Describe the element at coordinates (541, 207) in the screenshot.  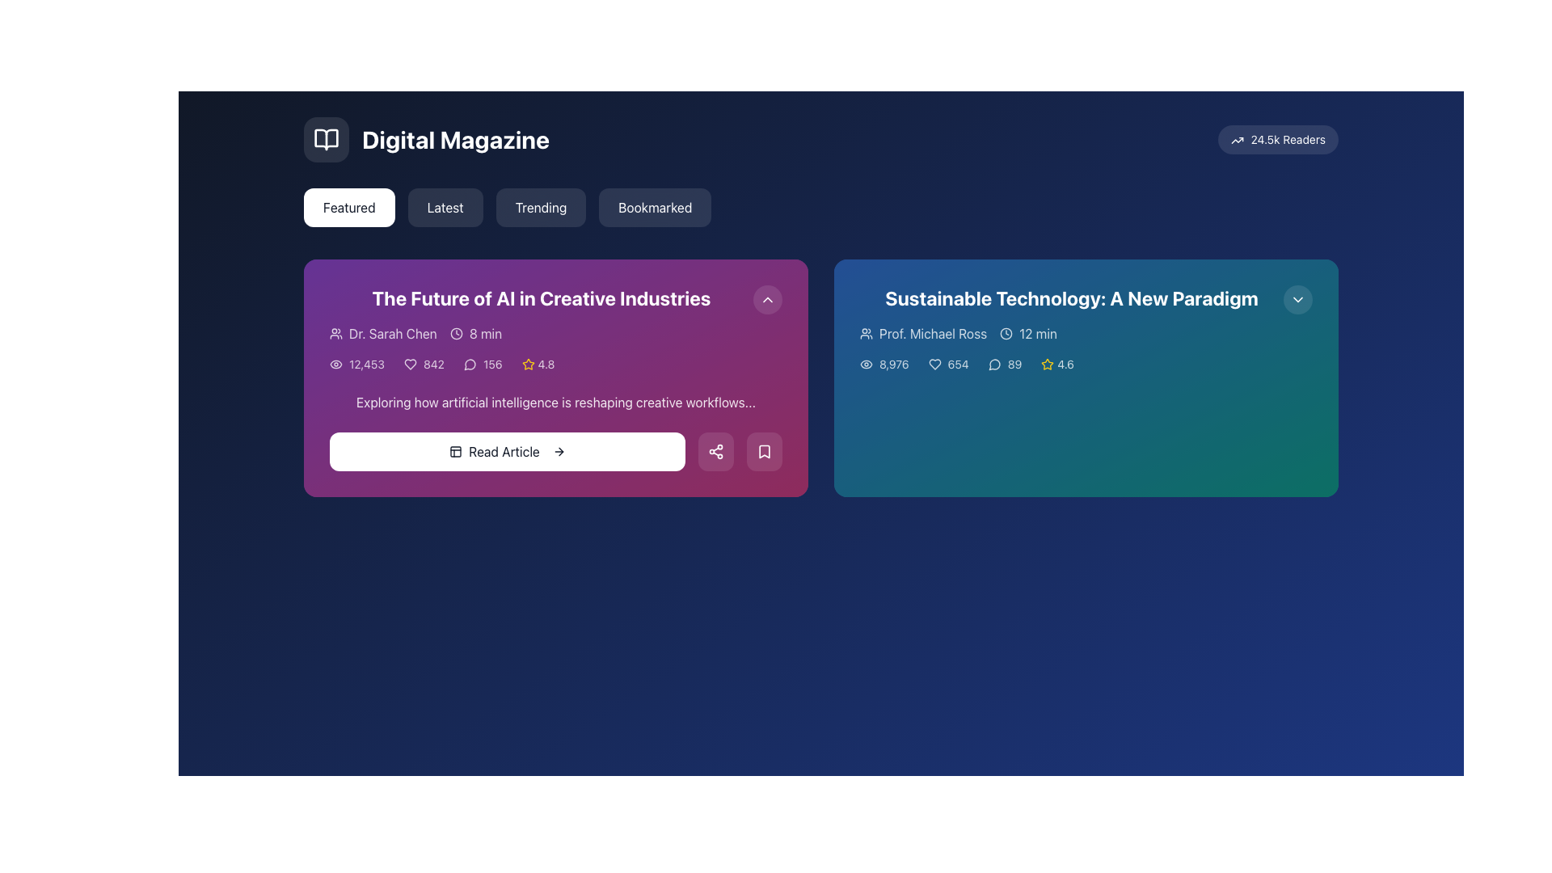
I see `the 'Trending' button, which is the third button from the left in a row of four buttons below the title 'Digital Magazine'` at that location.